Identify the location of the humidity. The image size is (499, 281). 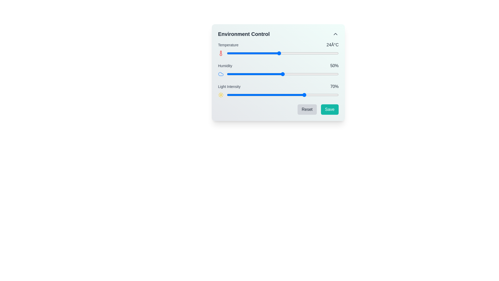
(244, 74).